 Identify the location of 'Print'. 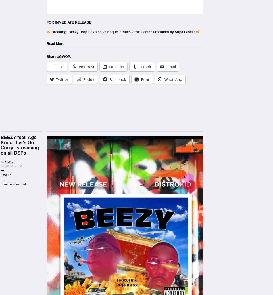
(145, 79).